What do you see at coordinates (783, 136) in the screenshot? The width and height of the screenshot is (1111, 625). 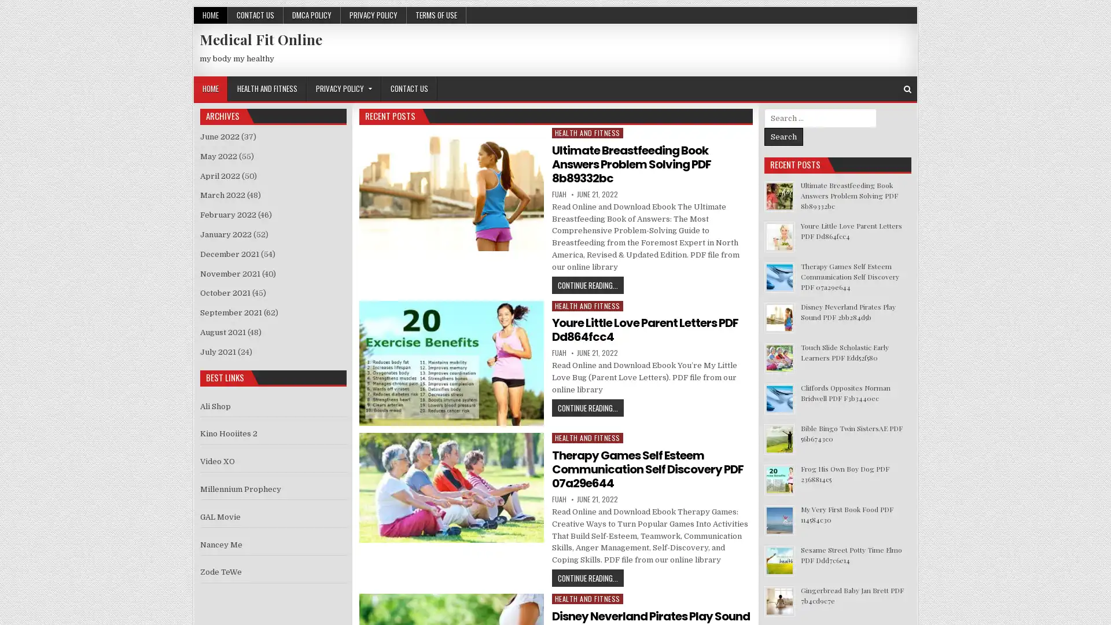 I see `Search` at bounding box center [783, 136].